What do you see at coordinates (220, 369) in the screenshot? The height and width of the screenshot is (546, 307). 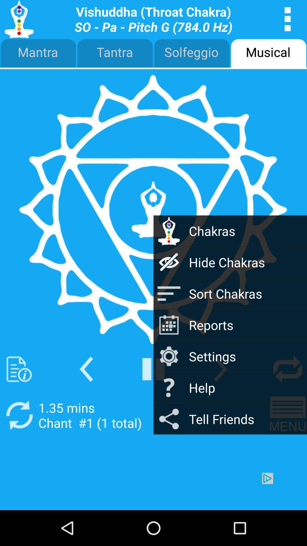 I see `settings option` at bounding box center [220, 369].